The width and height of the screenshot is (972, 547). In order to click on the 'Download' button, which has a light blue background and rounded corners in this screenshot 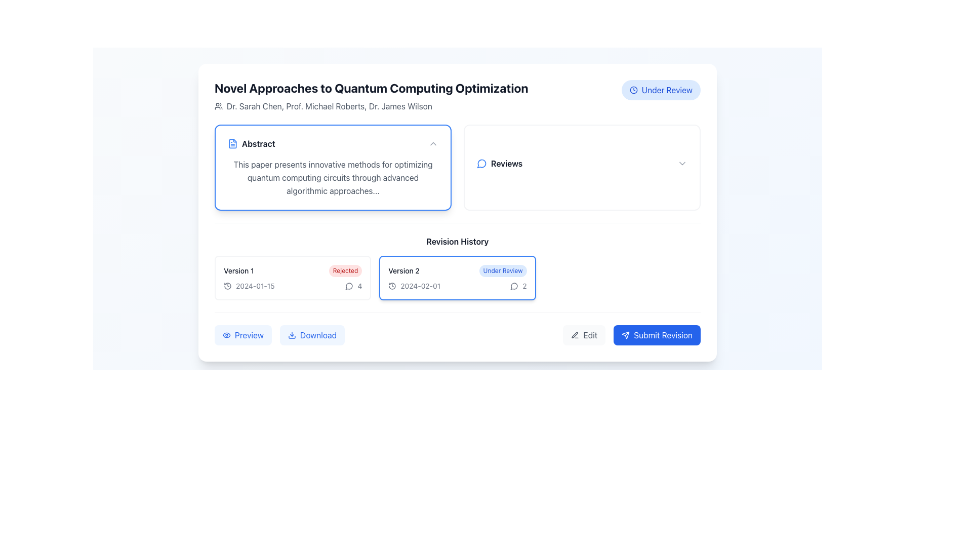, I will do `click(312, 335)`.